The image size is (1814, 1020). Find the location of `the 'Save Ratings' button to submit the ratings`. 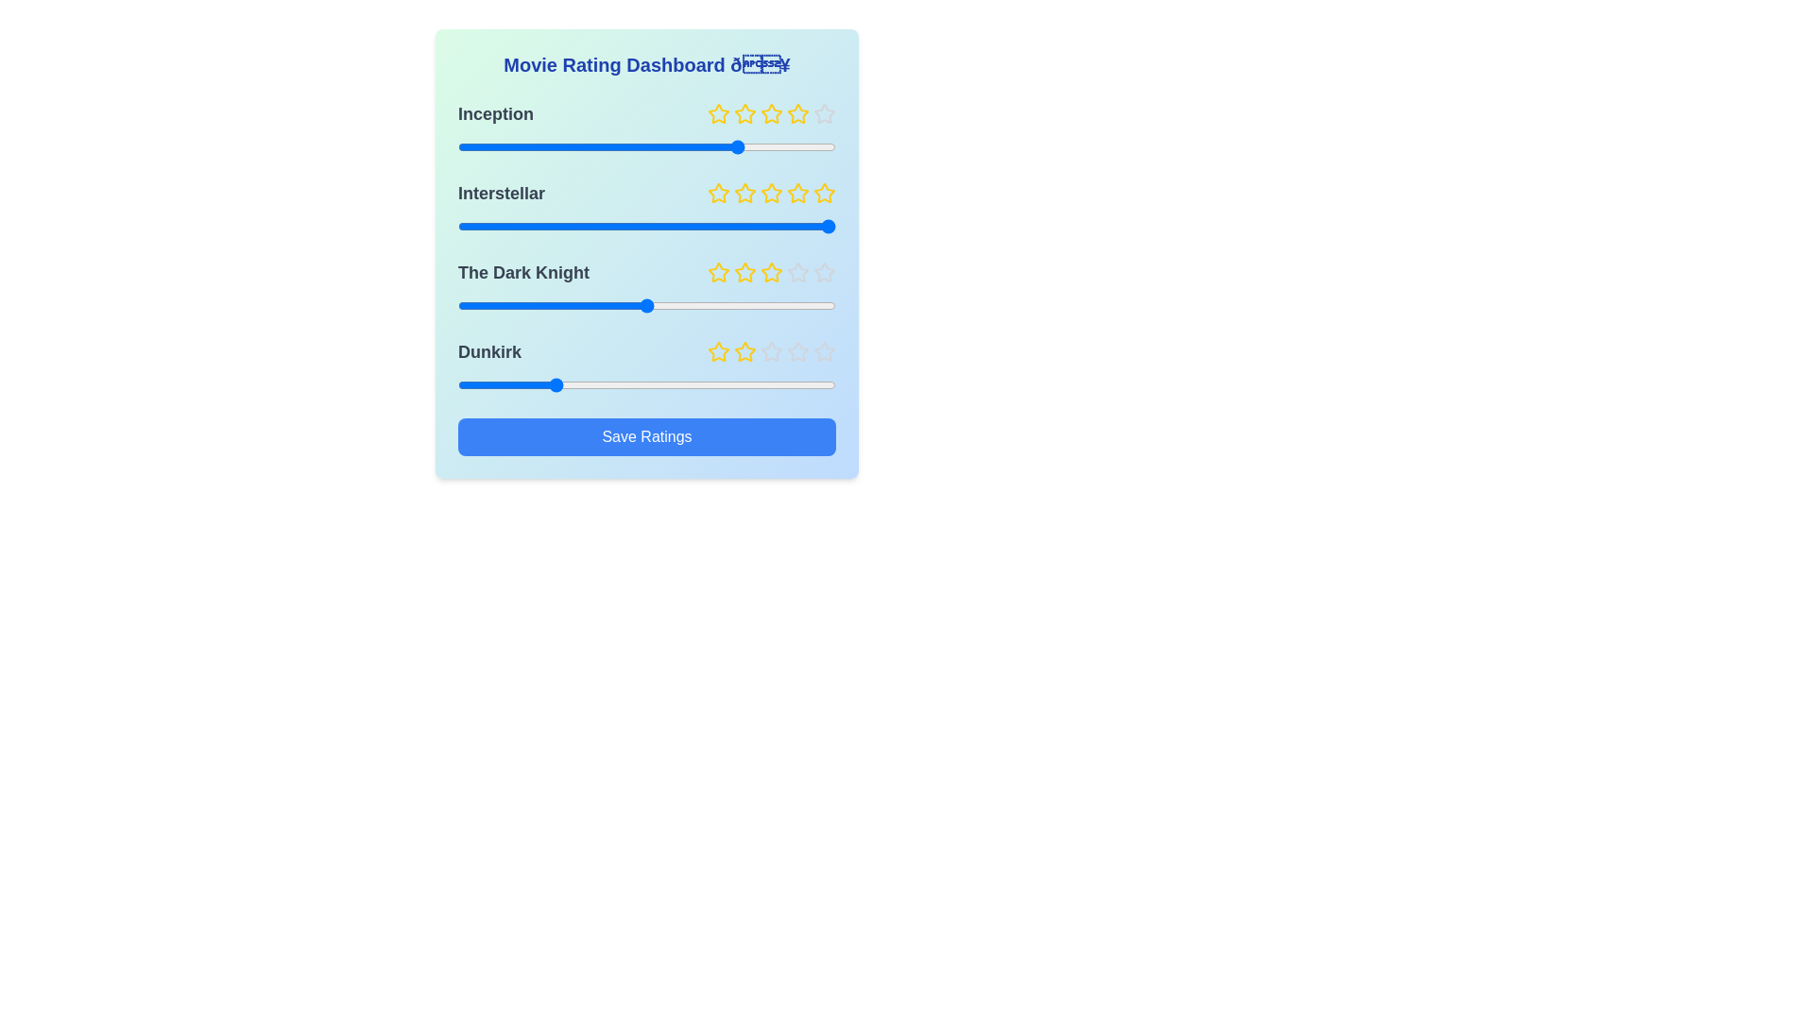

the 'Save Ratings' button to submit the ratings is located at coordinates (647, 436).